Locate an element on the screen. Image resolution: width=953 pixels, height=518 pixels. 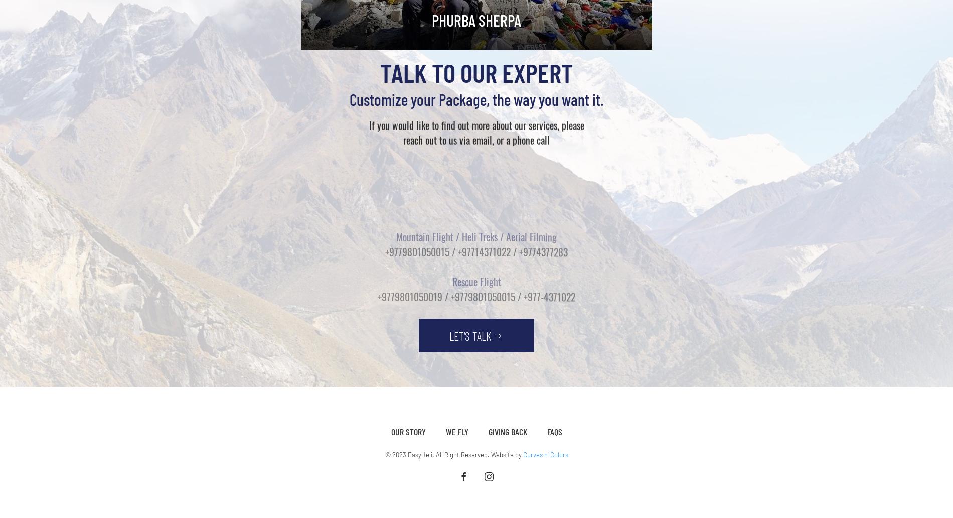
'Our Story' is located at coordinates (390, 431).